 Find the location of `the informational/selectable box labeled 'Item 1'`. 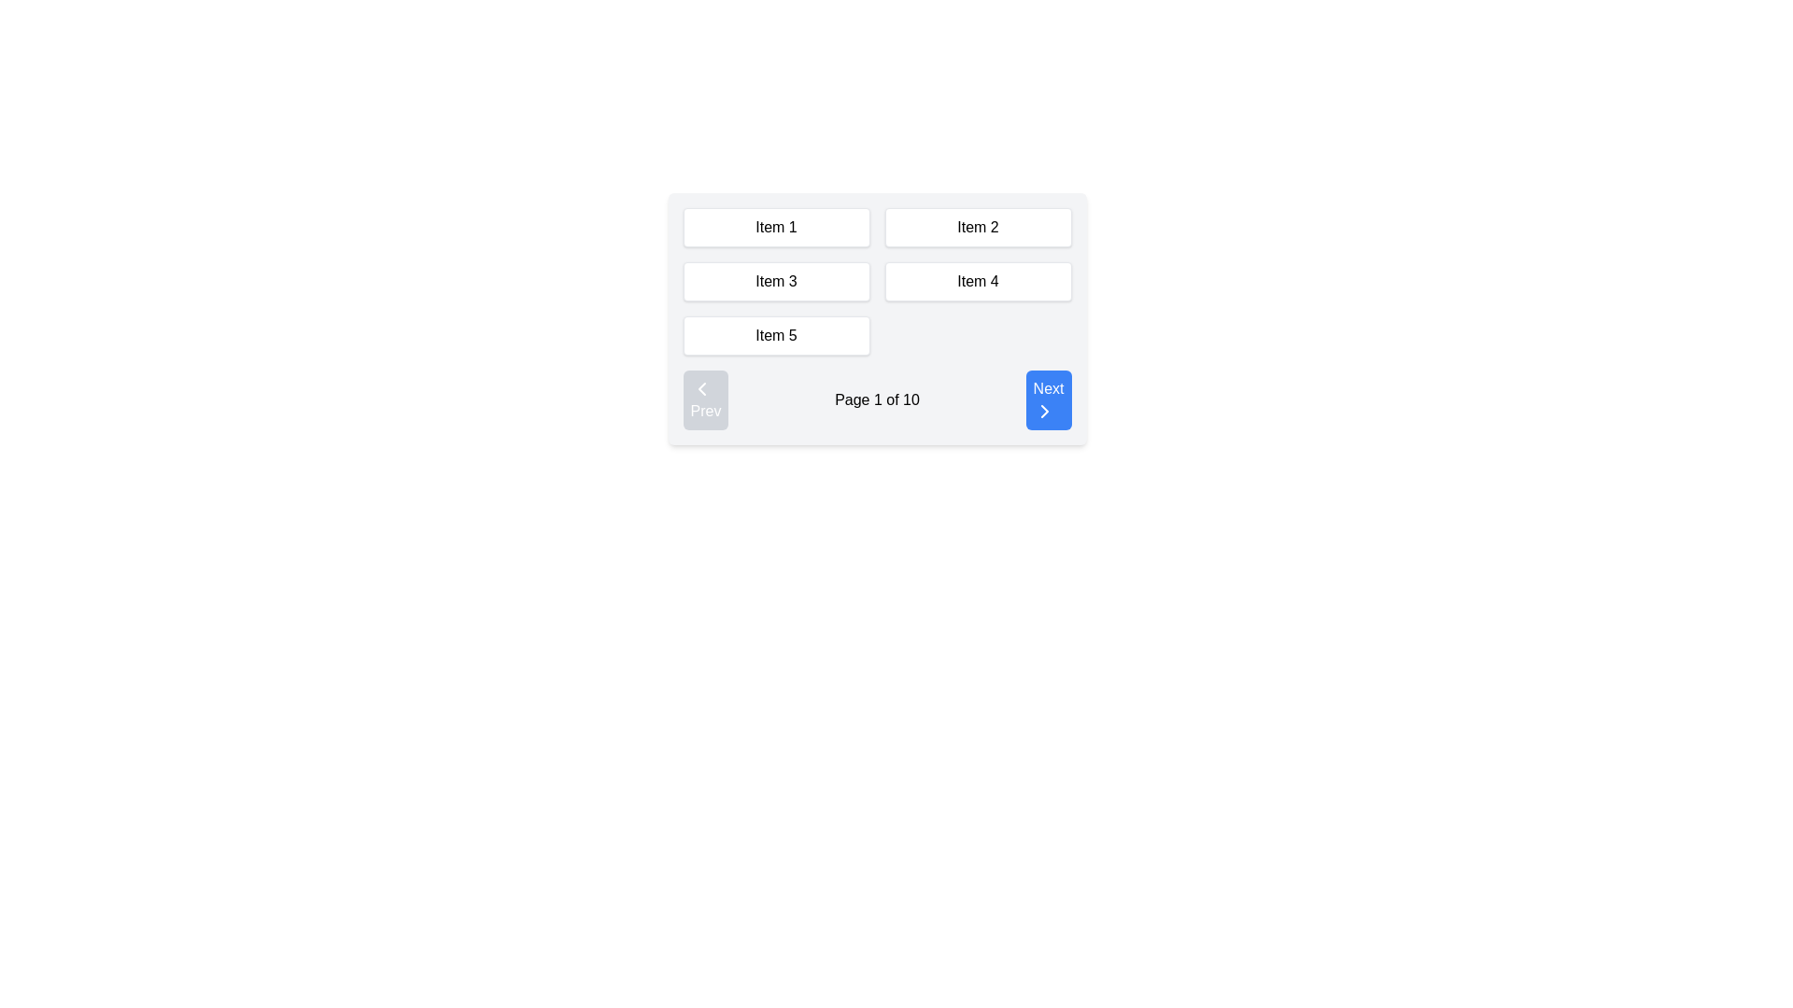

the informational/selectable box labeled 'Item 1' is located at coordinates (776, 226).